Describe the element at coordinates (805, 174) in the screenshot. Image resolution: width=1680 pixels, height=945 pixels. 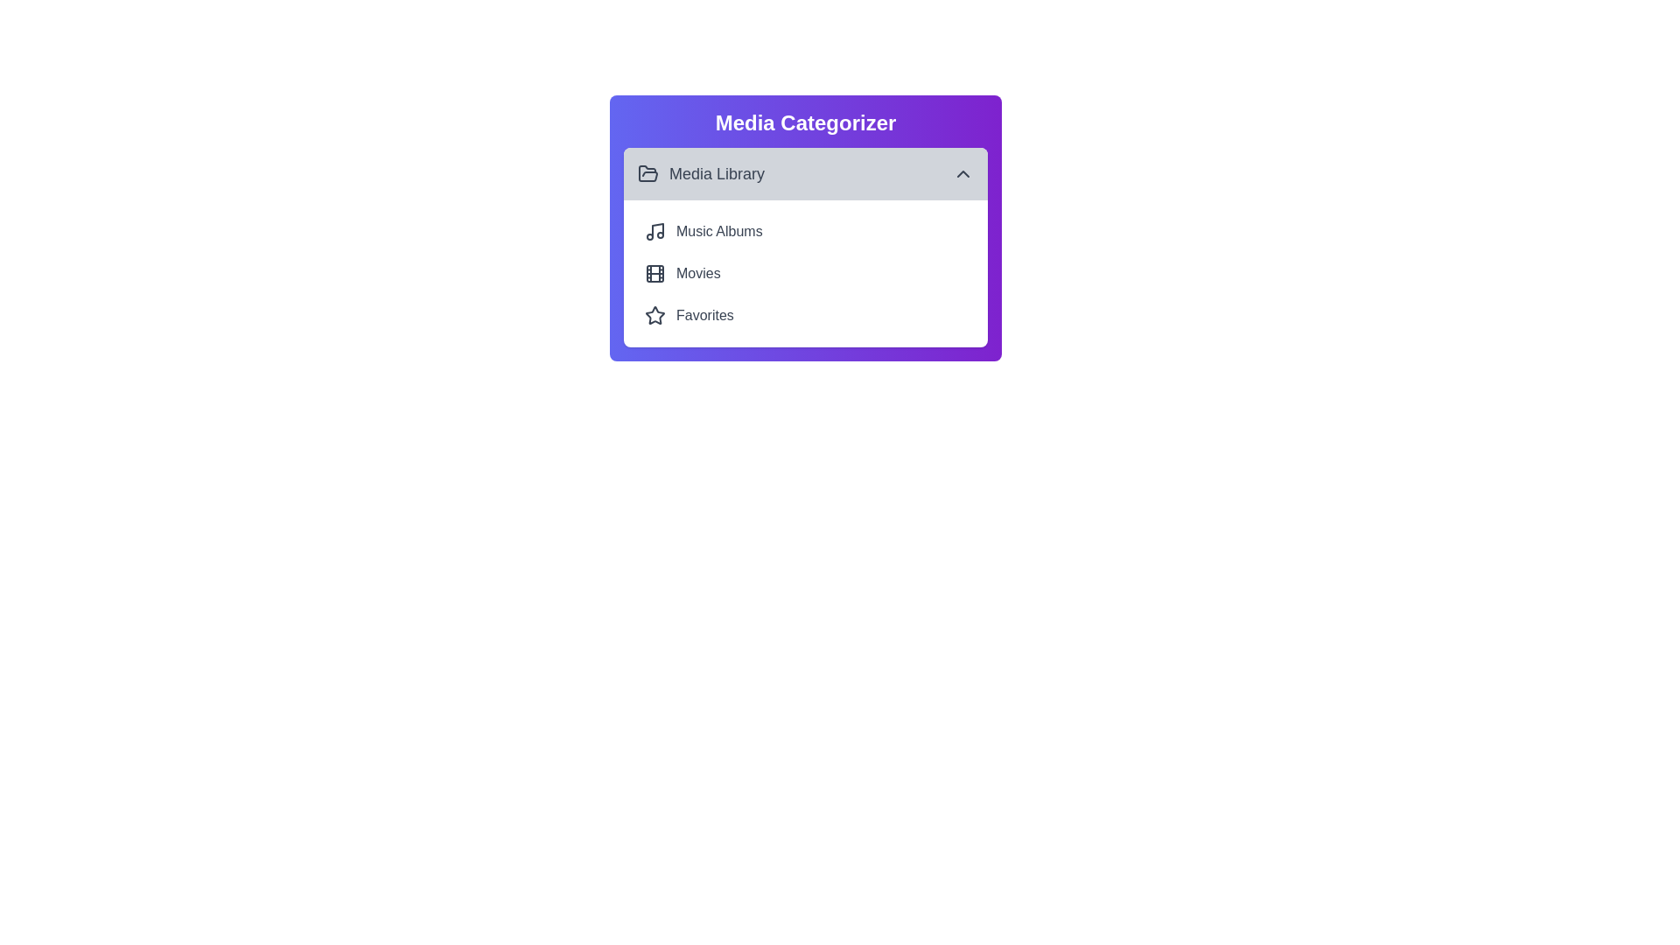
I see `the toggle button to change the menu's expansion state` at that location.